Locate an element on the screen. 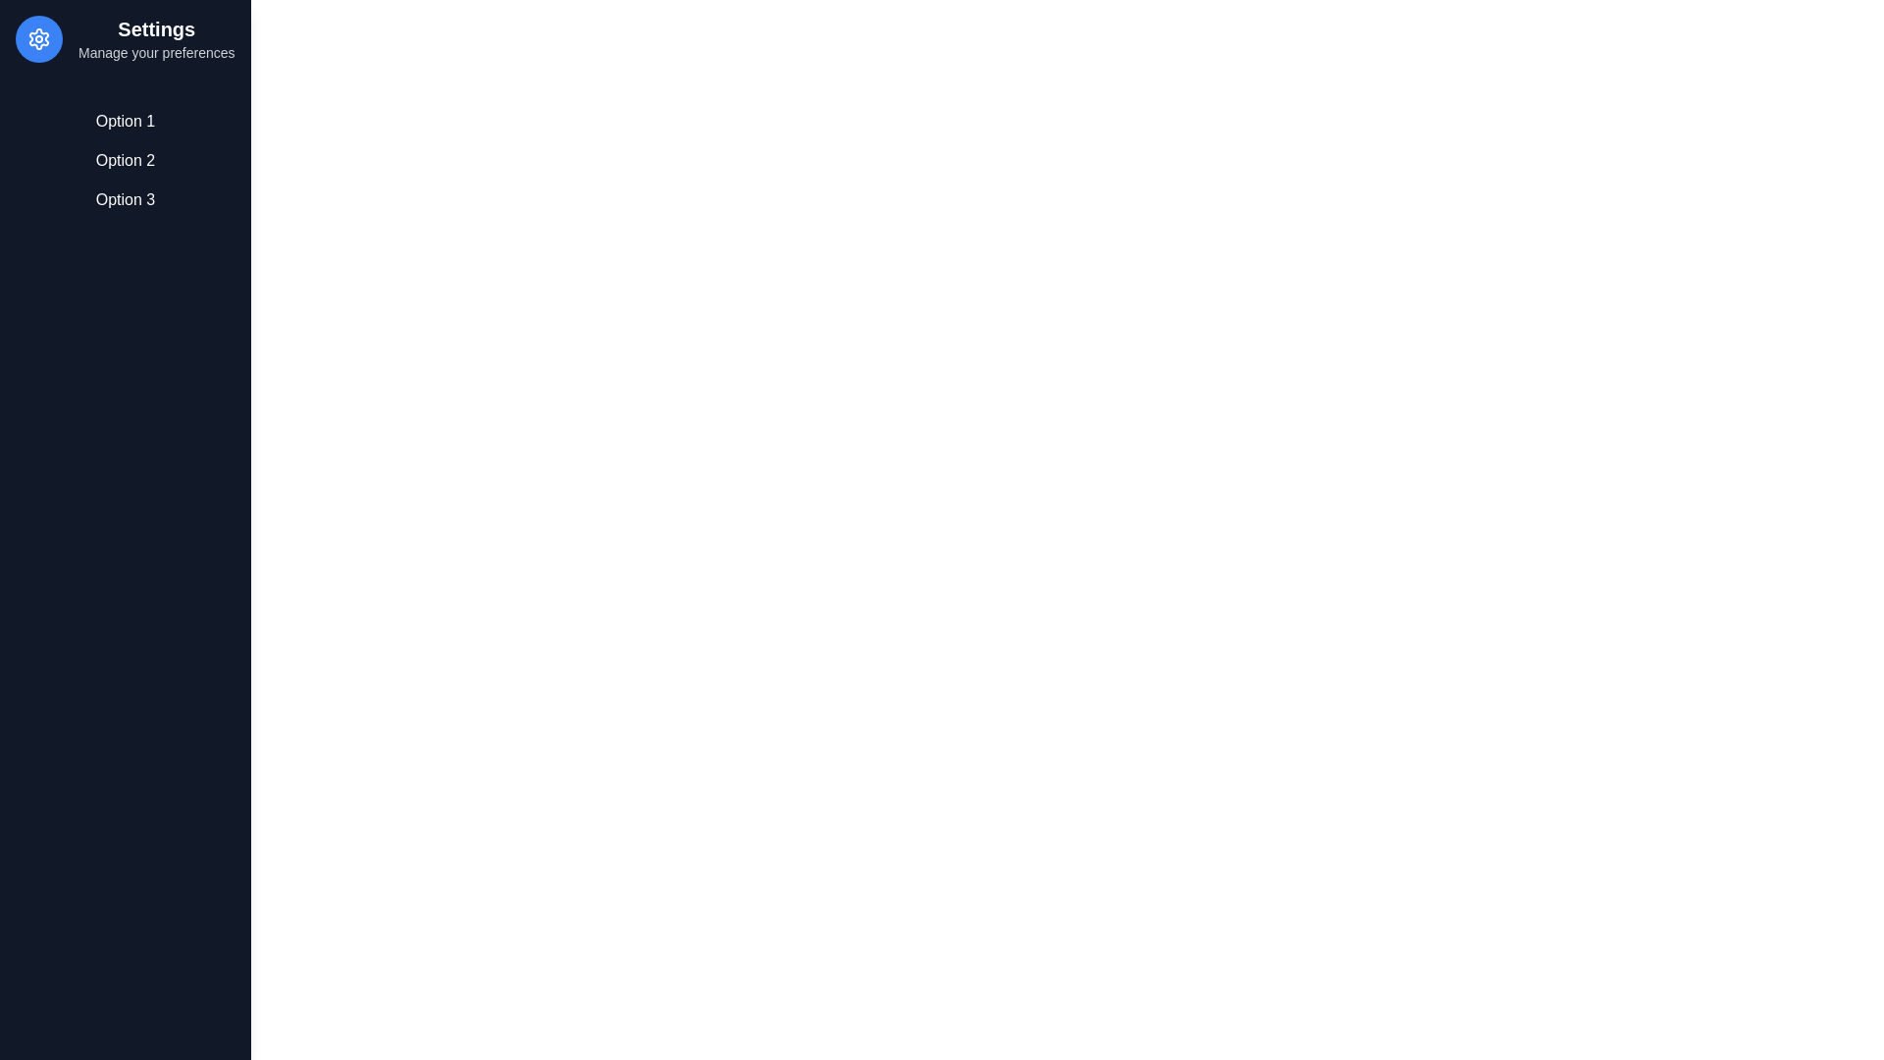  the navigational list item labeled 'Settings' with a blue gear icon and text for information is located at coordinates (125, 38).